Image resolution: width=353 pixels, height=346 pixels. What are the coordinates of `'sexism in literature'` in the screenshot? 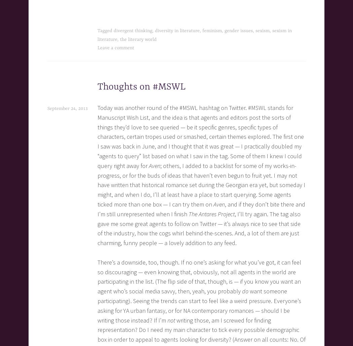 It's located at (194, 35).